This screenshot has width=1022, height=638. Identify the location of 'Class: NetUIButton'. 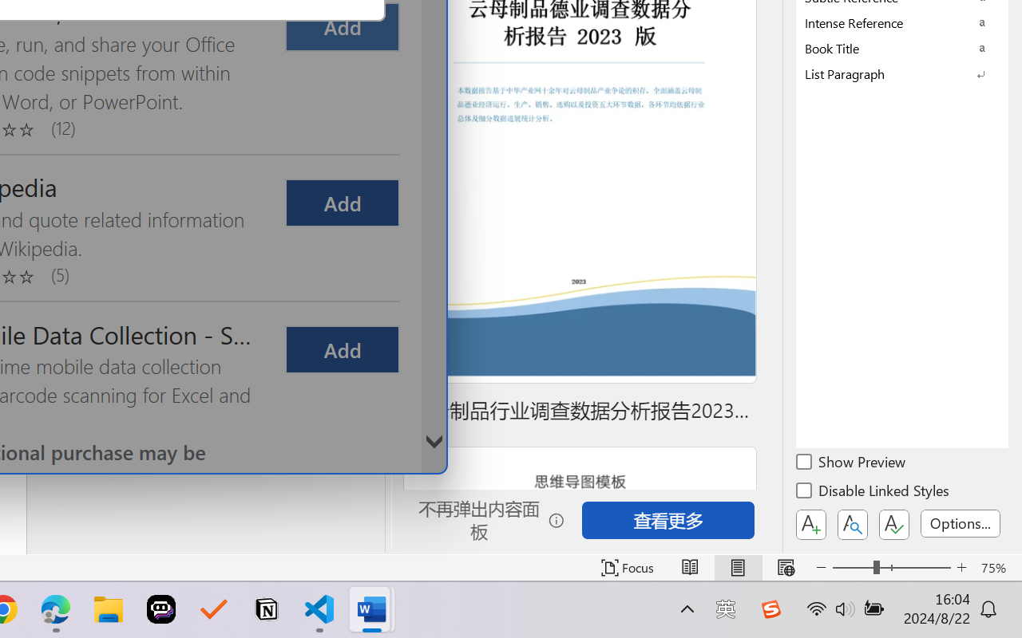
(894, 524).